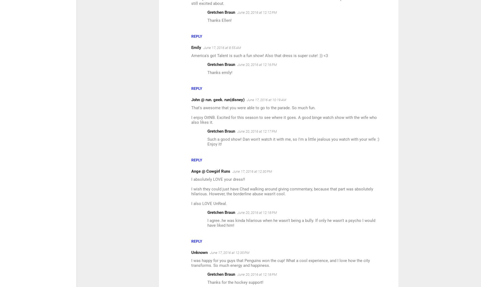 The height and width of the screenshot is (287, 481). I want to click on 'I wish they could just have Chad walking around giving commentary, because that part was absolutely hilarious. However, the borderline abuse wasn't cool.', so click(191, 191).